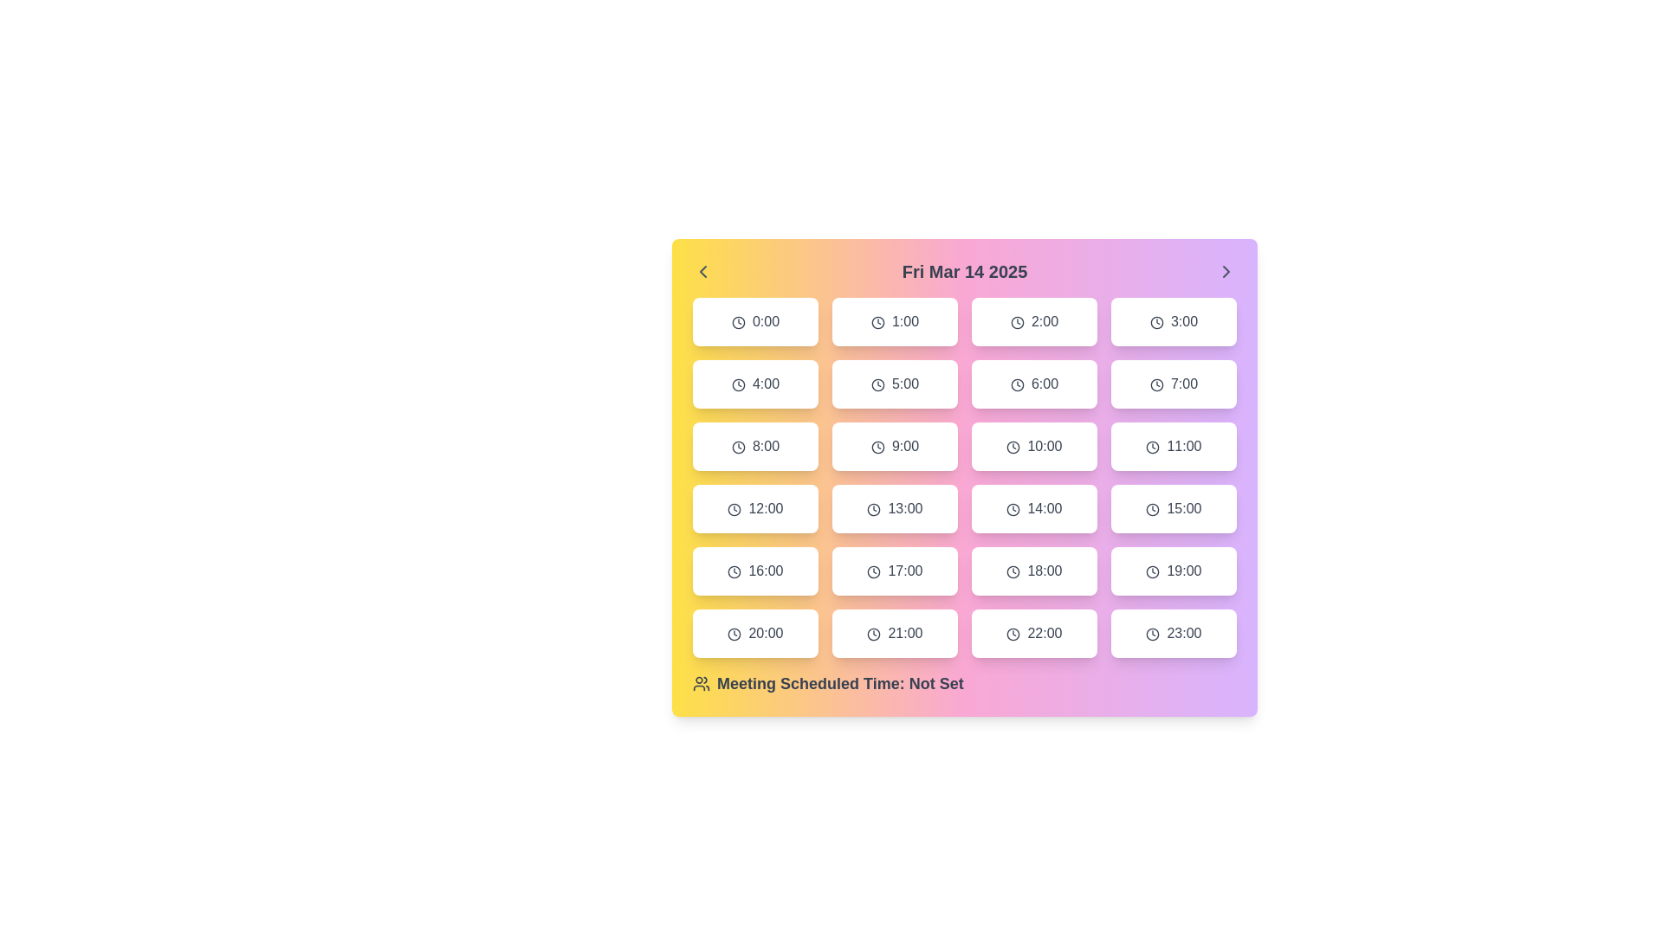  Describe the element at coordinates (755, 634) in the screenshot. I see `the button that allows users to schedule or select the time '20:00' located in the sixth row and first column of a grid containing 24 similar time selection buttons` at that location.